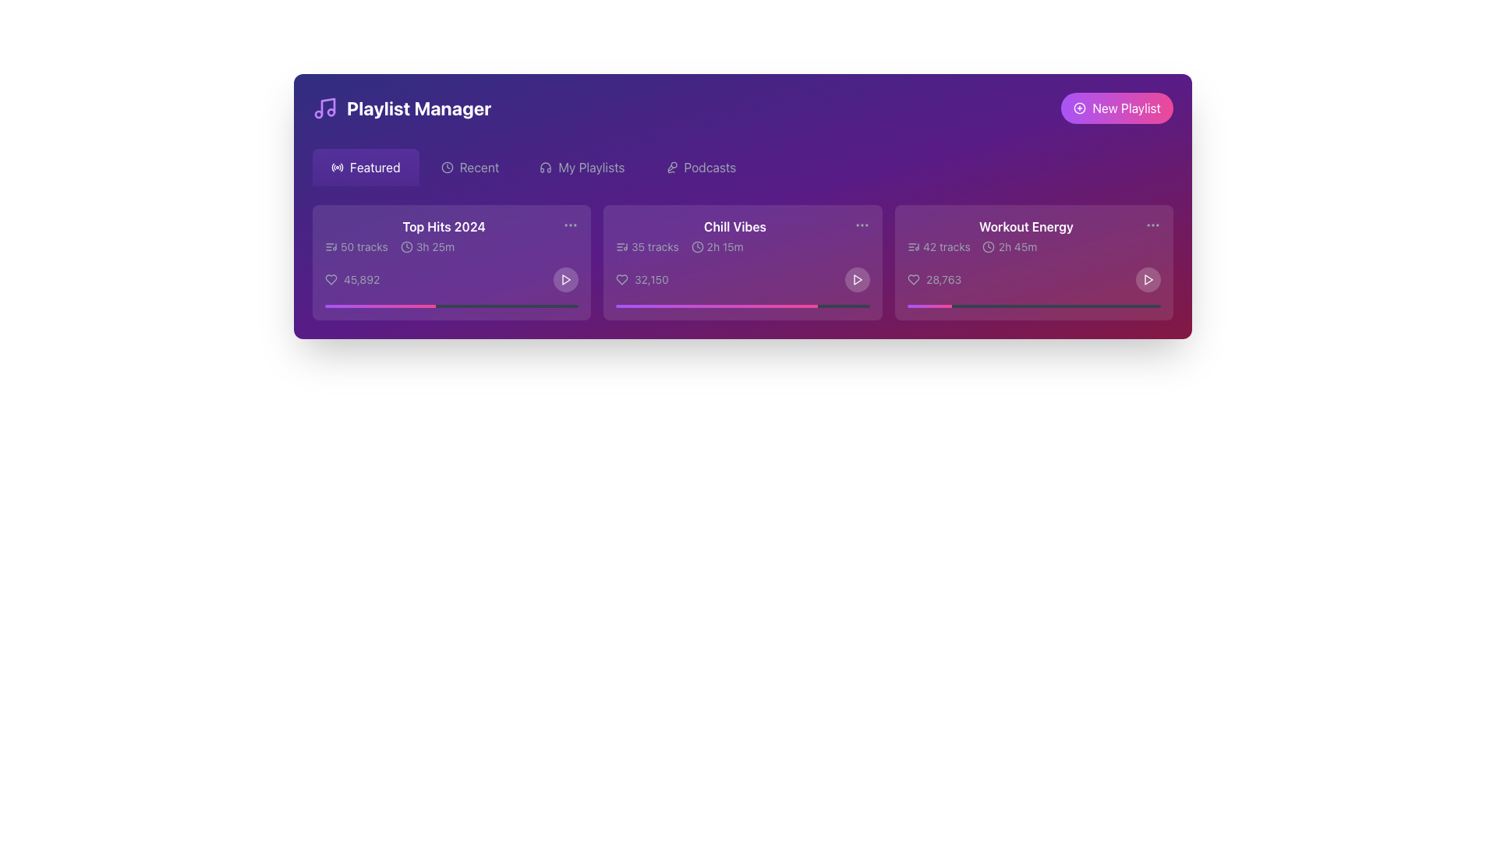  I want to click on the clock icon located to the left of the 'Recent' text in the secondary navigation bar, so click(446, 168).